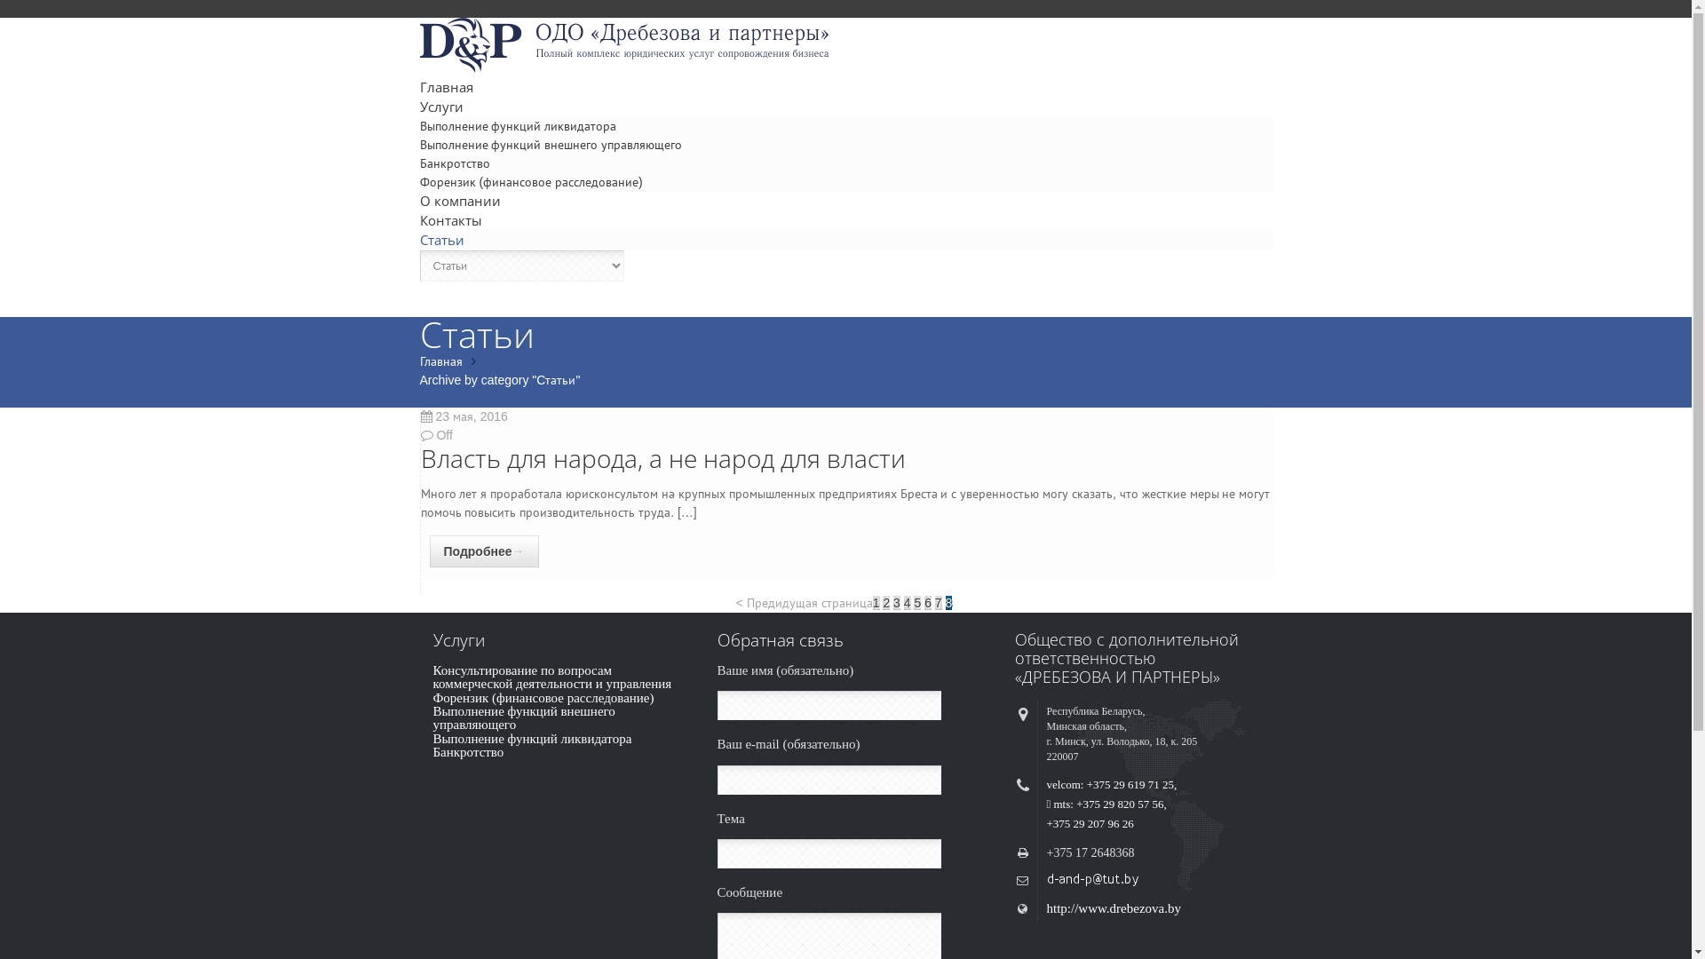  What do you see at coordinates (1112, 907) in the screenshot?
I see `'http://www.drebezova.by'` at bounding box center [1112, 907].